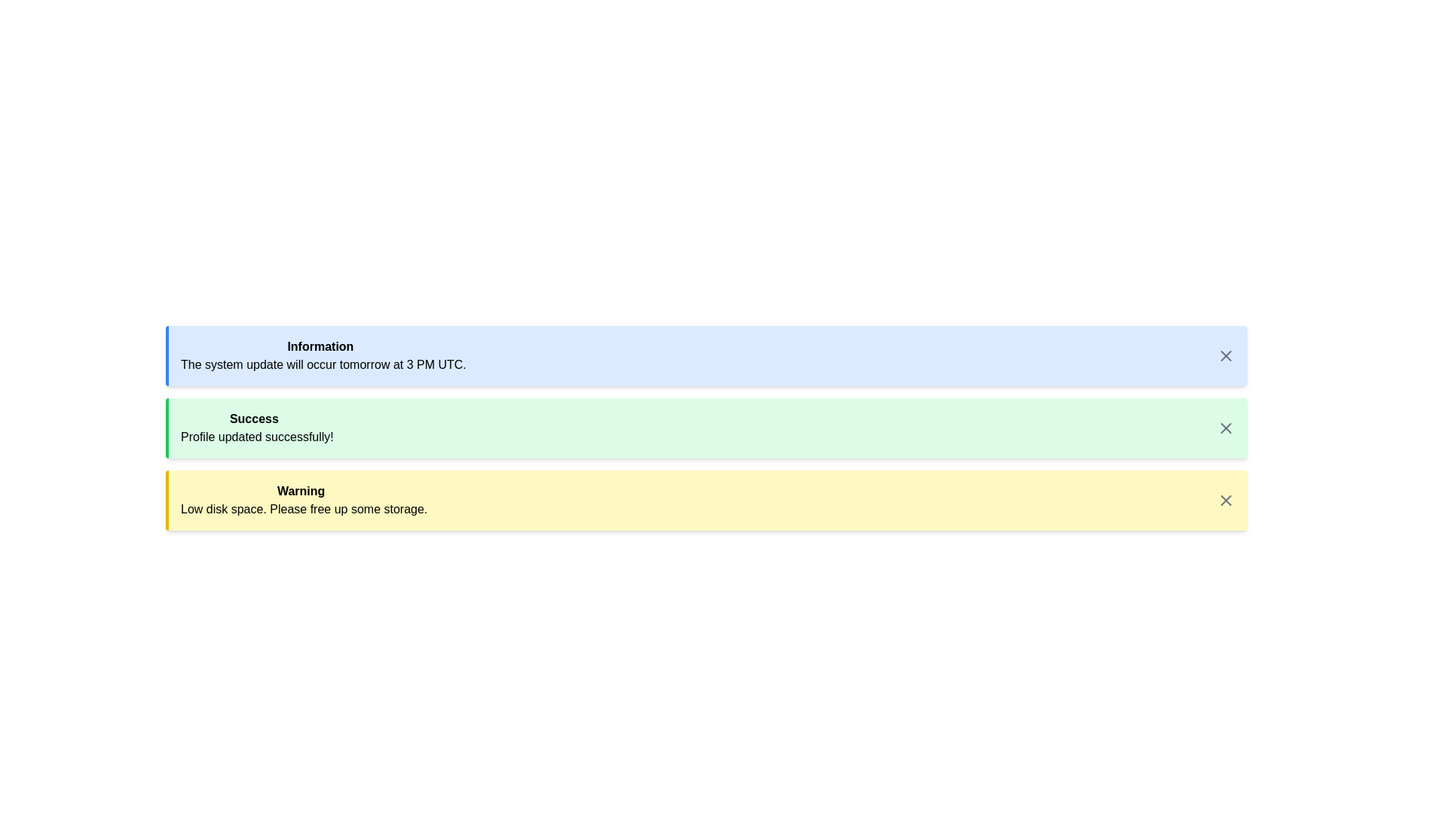 This screenshot has width=1447, height=813. Describe the element at coordinates (1226, 428) in the screenshot. I see `the close button located in the upper-right section of the green notification box that contains the text 'Success Profile updated successfully!'` at that location.